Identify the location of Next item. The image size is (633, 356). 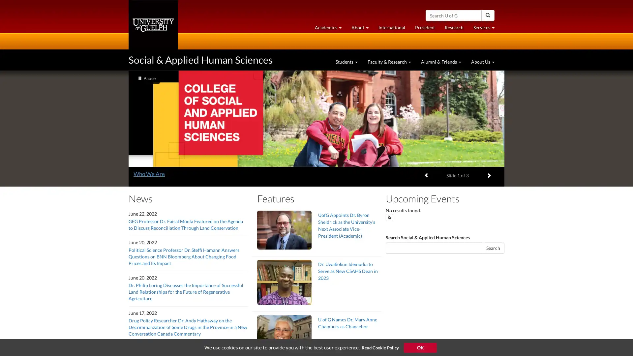
(489, 79).